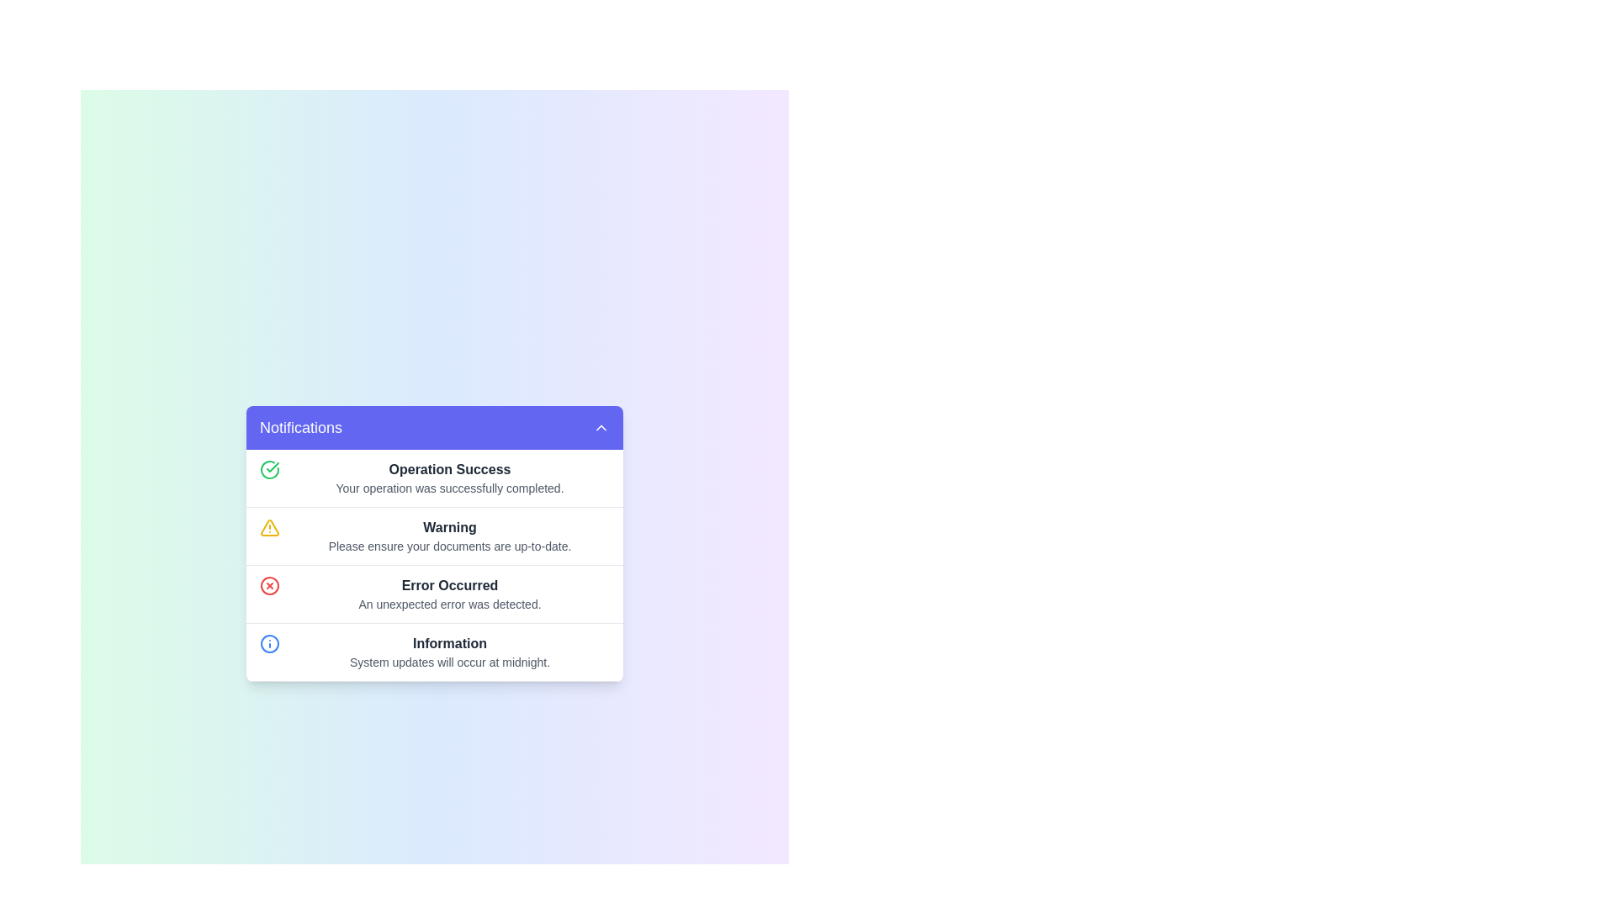  What do you see at coordinates (449, 470) in the screenshot?
I see `static text label 'Operation Success' located in the notifications panel, specifically in the first card, which is styled in bold dark gray against a white background` at bounding box center [449, 470].